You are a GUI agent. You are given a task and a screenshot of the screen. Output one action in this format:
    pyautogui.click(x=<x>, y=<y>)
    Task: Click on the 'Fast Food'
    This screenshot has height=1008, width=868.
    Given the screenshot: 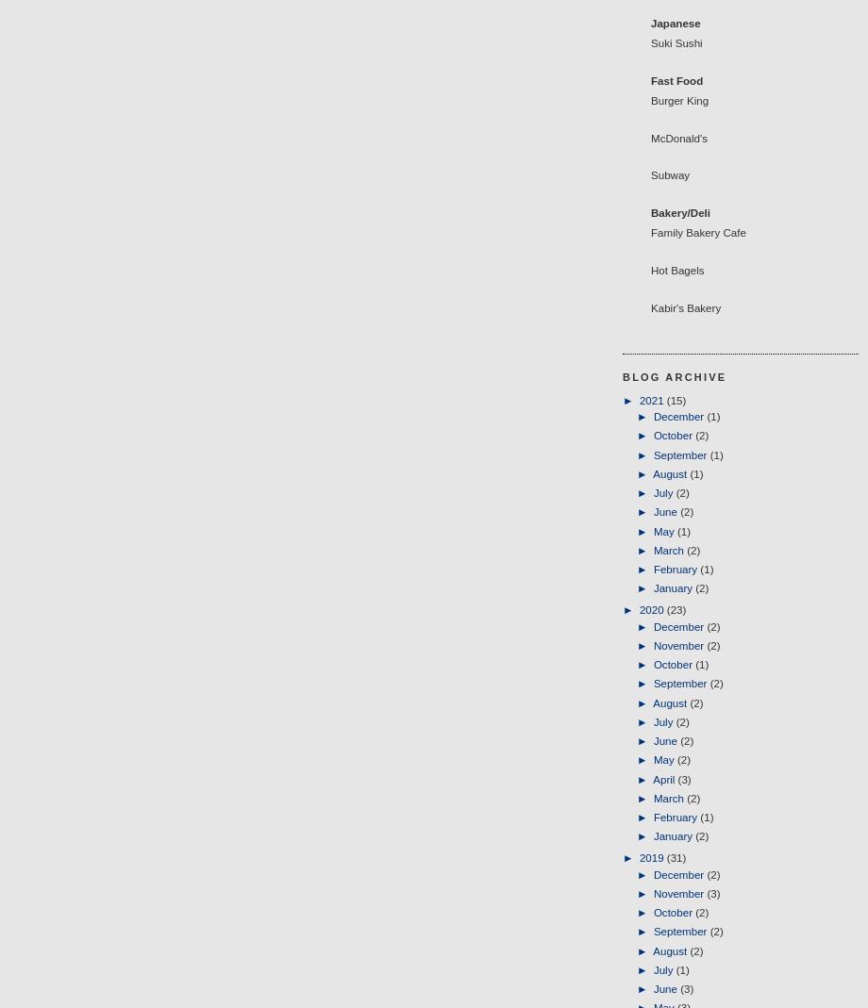 What is the action you would take?
    pyautogui.click(x=651, y=78)
    